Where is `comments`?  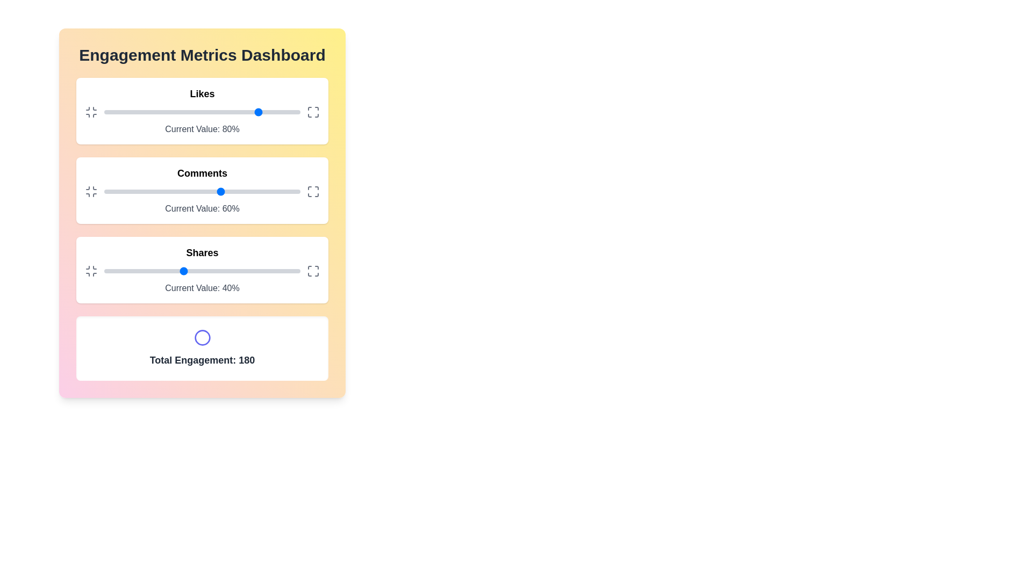
comments is located at coordinates (231, 191).